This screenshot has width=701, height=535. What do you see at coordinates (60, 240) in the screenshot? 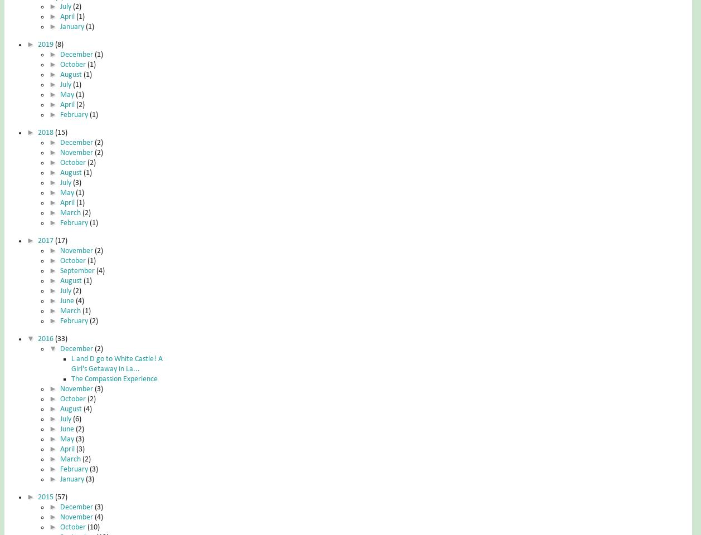
I see `'(17)'` at bounding box center [60, 240].